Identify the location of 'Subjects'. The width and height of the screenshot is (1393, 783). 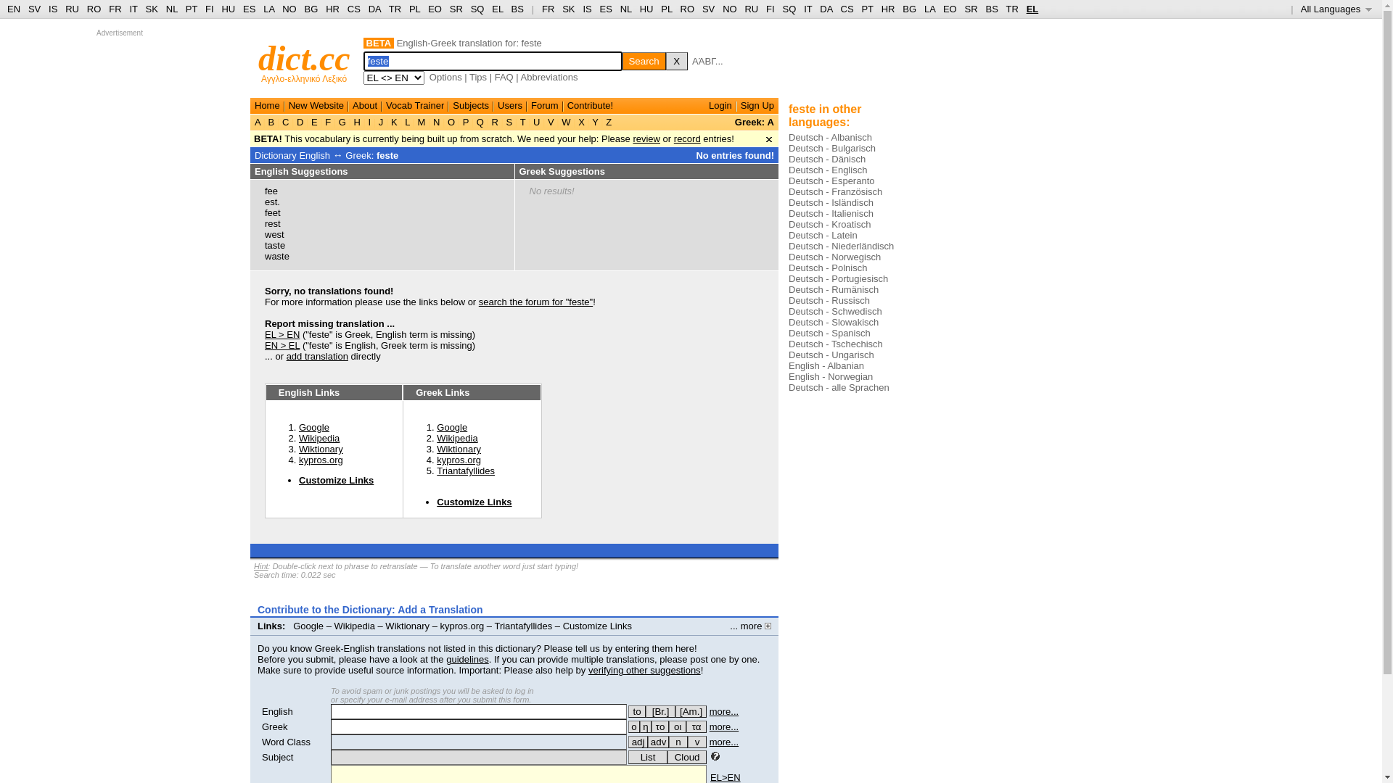
(452, 104).